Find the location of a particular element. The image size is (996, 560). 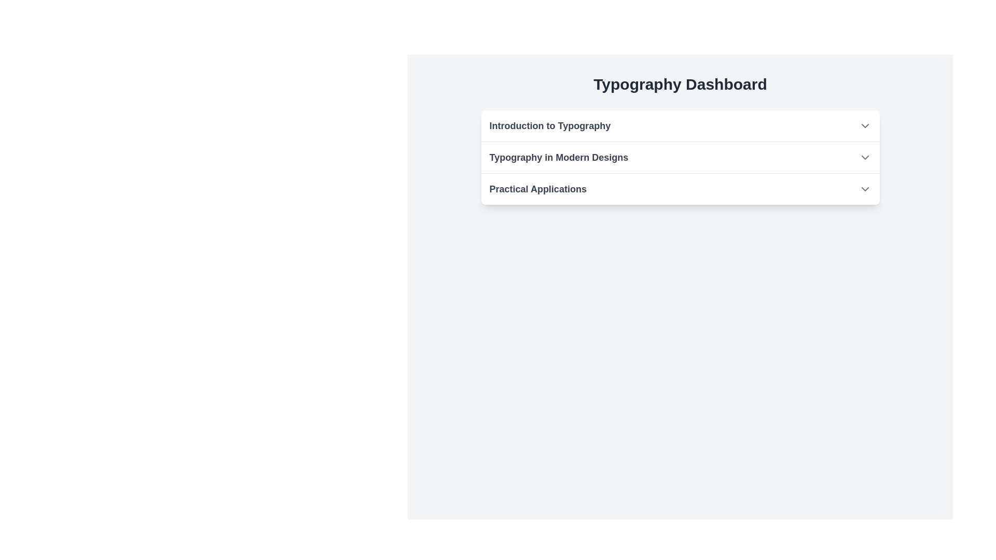

the 'Introduction to Typography' Collapsible List Item is located at coordinates (680, 125).